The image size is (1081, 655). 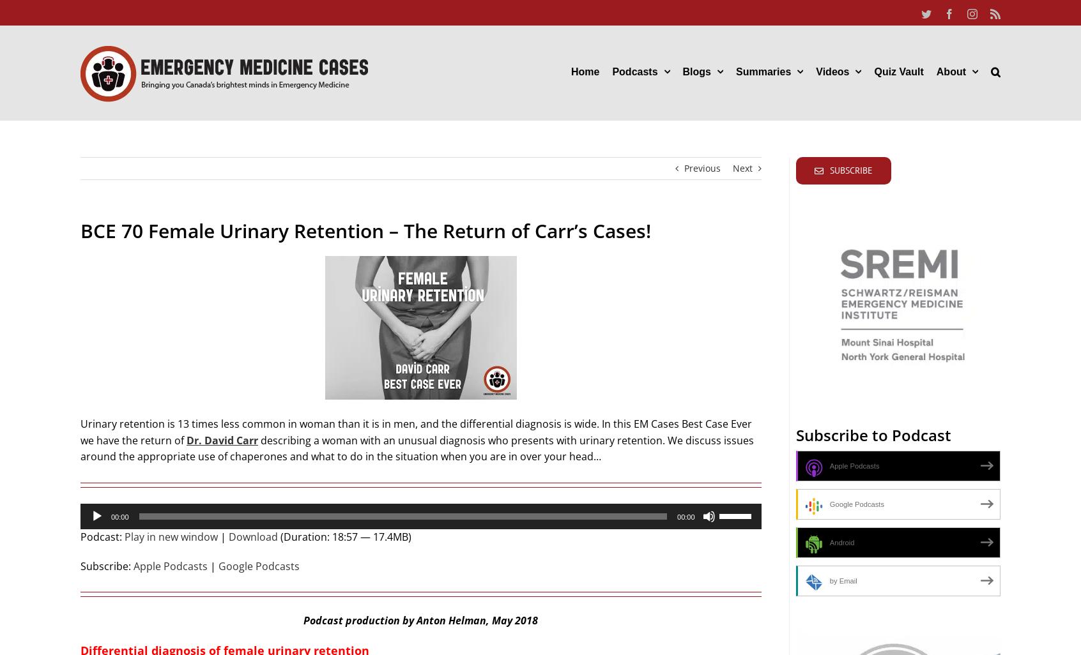 I want to click on 'Download', so click(x=253, y=537).